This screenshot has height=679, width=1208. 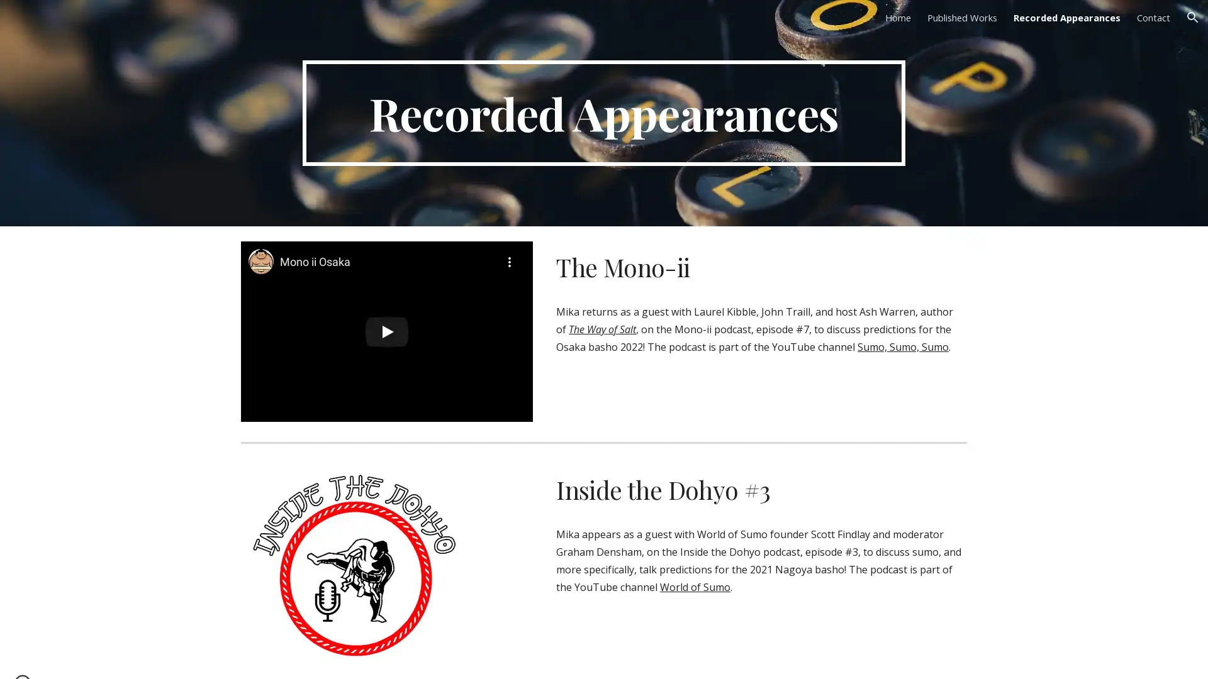 What do you see at coordinates (784, 489) in the screenshot?
I see `Copy heading link` at bounding box center [784, 489].